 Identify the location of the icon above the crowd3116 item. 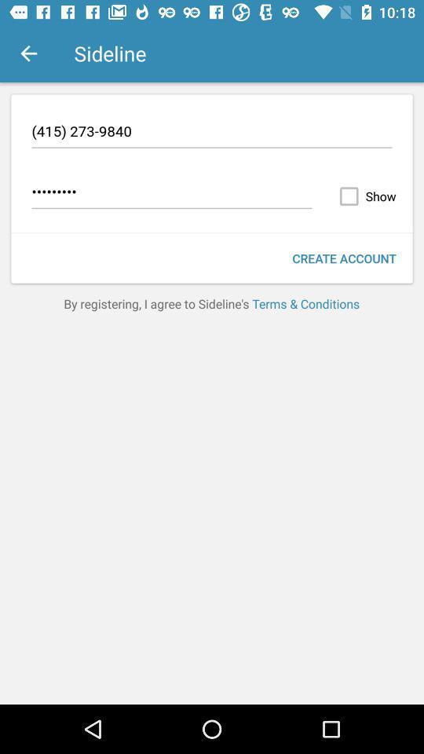
(212, 133).